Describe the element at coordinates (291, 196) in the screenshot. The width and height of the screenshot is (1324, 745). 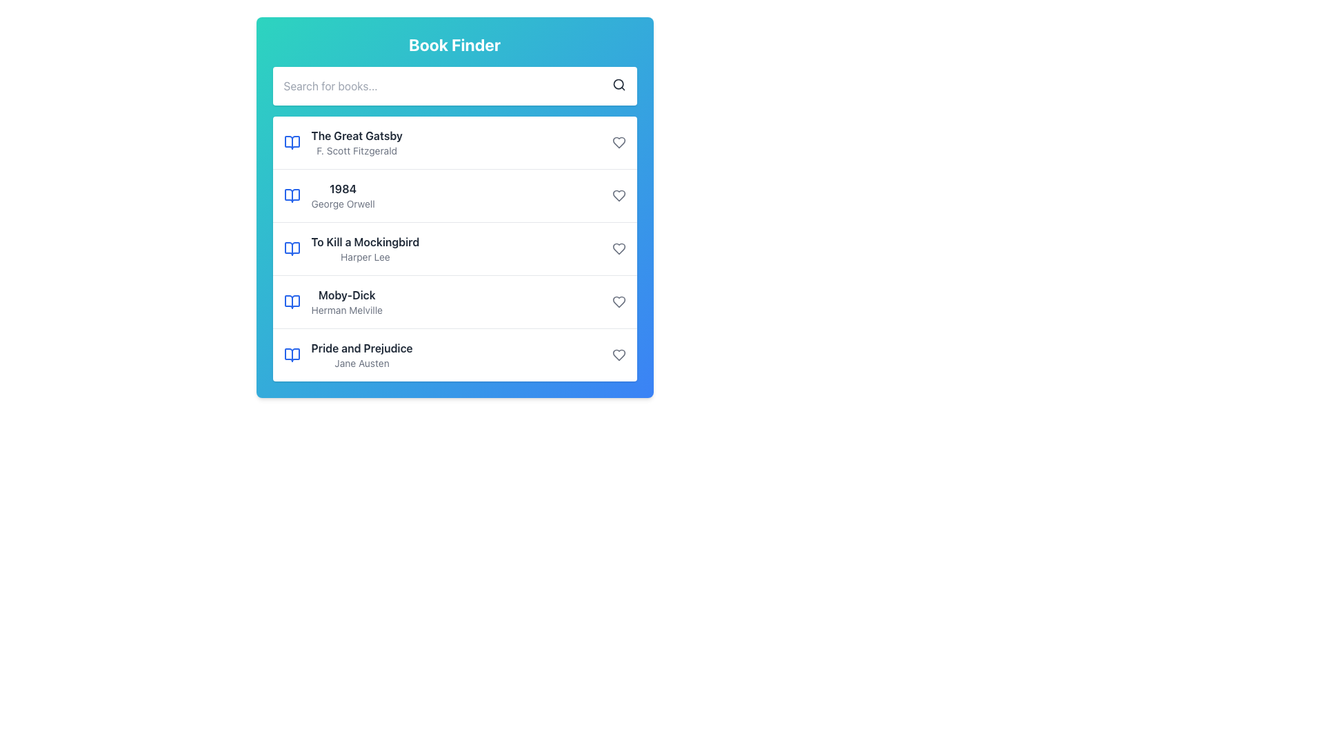
I see `the vector graphic representing a book, located to the left of the text '1984' by George Orwell in the vertical list of book items` at that location.